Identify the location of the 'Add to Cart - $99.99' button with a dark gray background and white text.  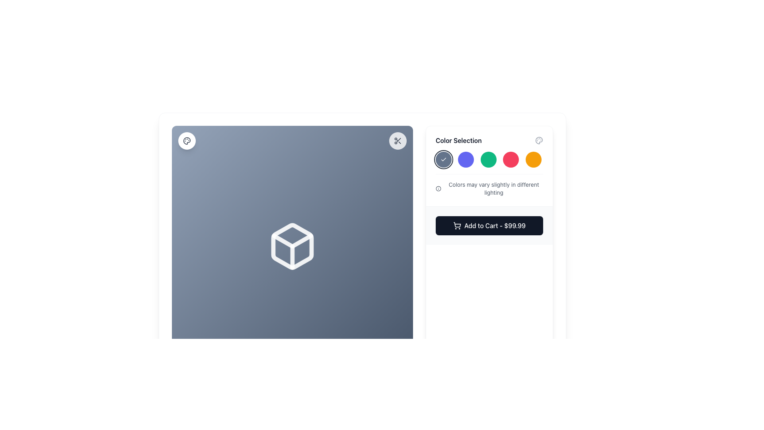
(489, 226).